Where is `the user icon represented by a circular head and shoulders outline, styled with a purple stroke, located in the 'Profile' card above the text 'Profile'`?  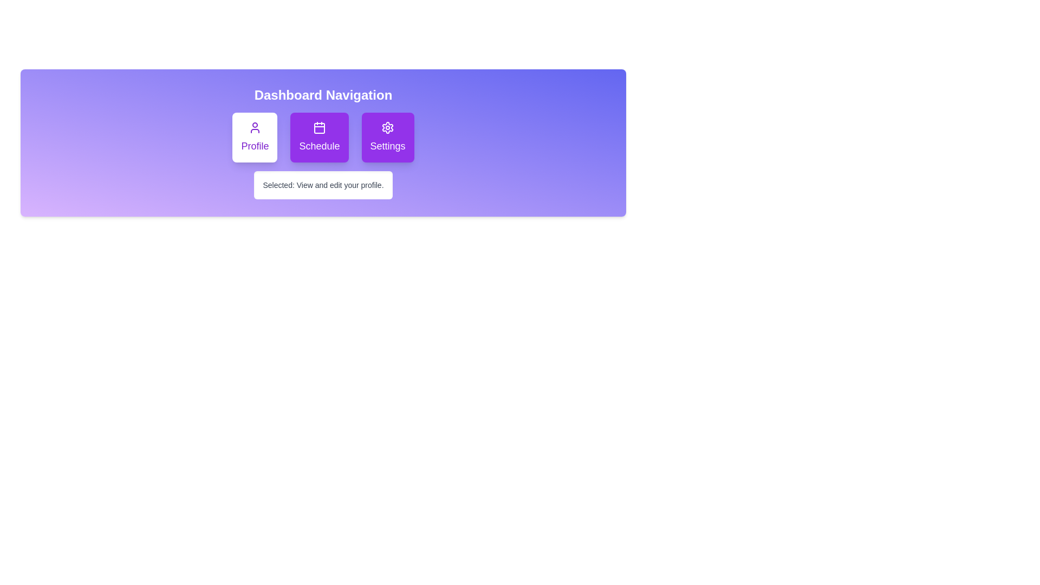 the user icon represented by a circular head and shoulders outline, styled with a purple stroke, located in the 'Profile' card above the text 'Profile' is located at coordinates (254, 127).